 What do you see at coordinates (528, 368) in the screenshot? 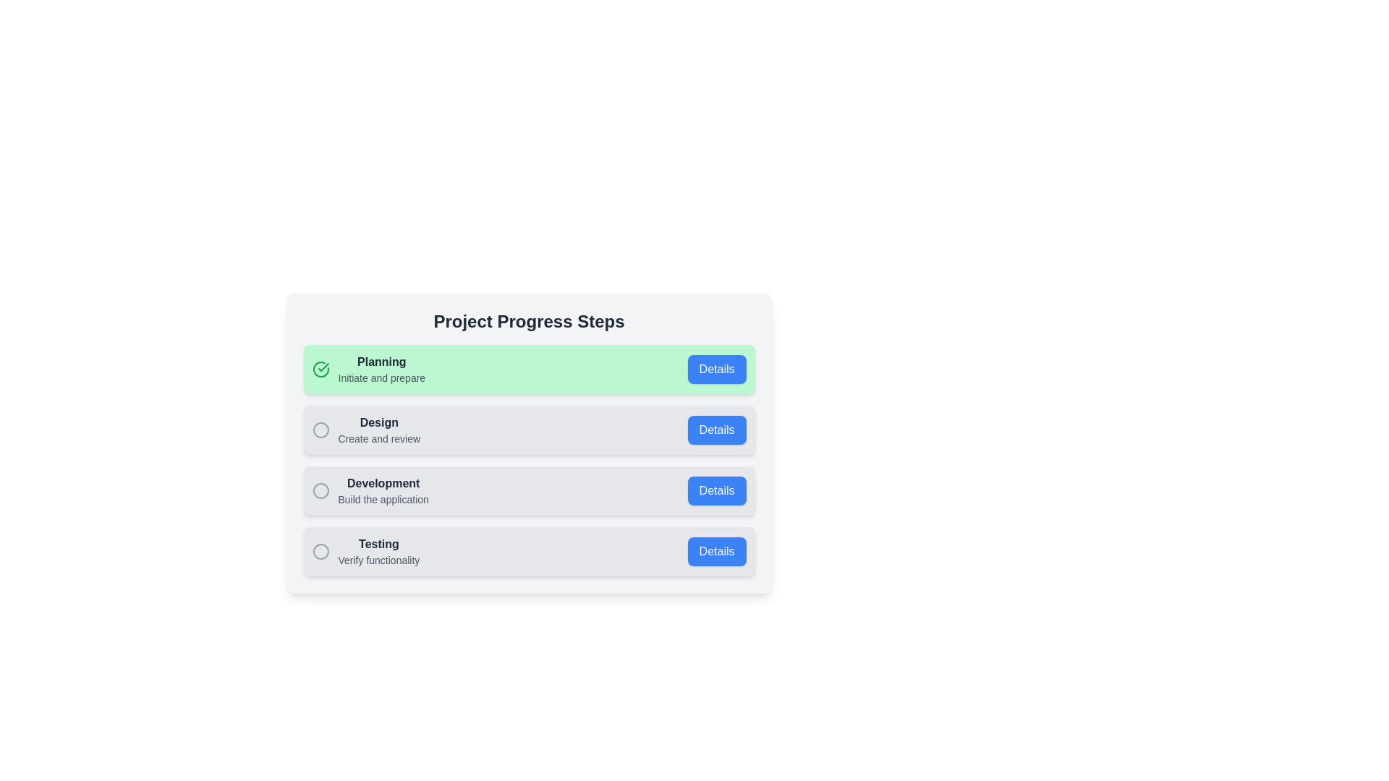
I see `the step corresponding to Planning` at bounding box center [528, 368].